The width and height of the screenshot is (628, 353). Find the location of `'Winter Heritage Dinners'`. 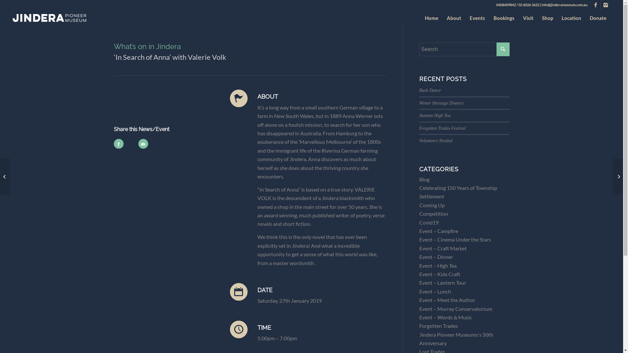

'Winter Heritage Dinners' is located at coordinates (441, 103).